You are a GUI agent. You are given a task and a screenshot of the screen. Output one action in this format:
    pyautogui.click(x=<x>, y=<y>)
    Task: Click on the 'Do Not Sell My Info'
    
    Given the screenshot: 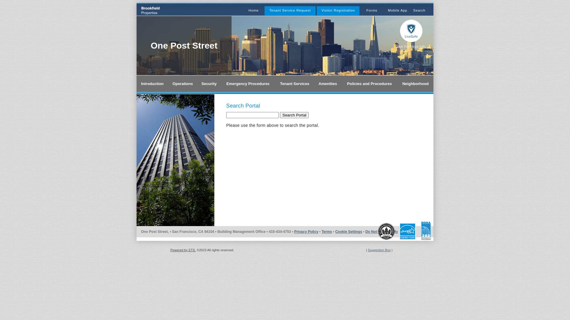 What is the action you would take?
    pyautogui.click(x=381, y=231)
    